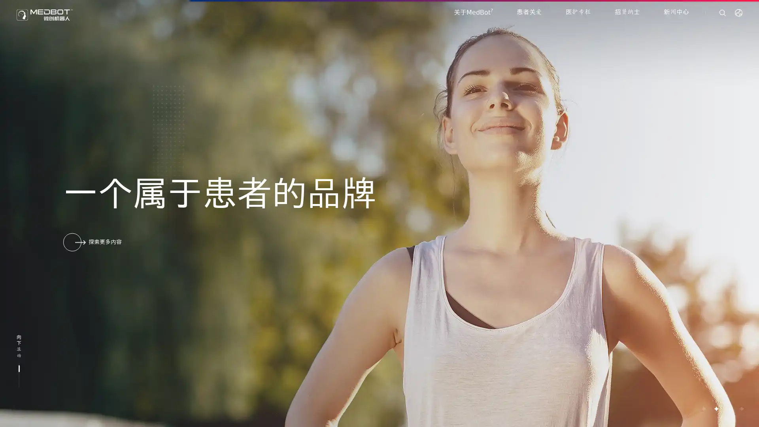 This screenshot has height=427, width=759. What do you see at coordinates (716, 408) in the screenshot?
I see `Go to slide 2` at bounding box center [716, 408].